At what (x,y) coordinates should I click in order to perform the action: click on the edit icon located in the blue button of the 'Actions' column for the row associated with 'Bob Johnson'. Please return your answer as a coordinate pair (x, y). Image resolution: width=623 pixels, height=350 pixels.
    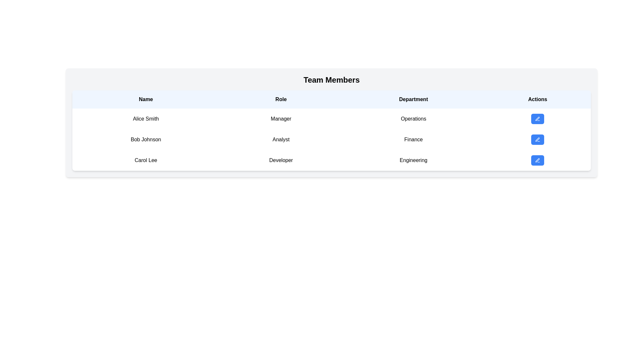
    Looking at the image, I should click on (537, 139).